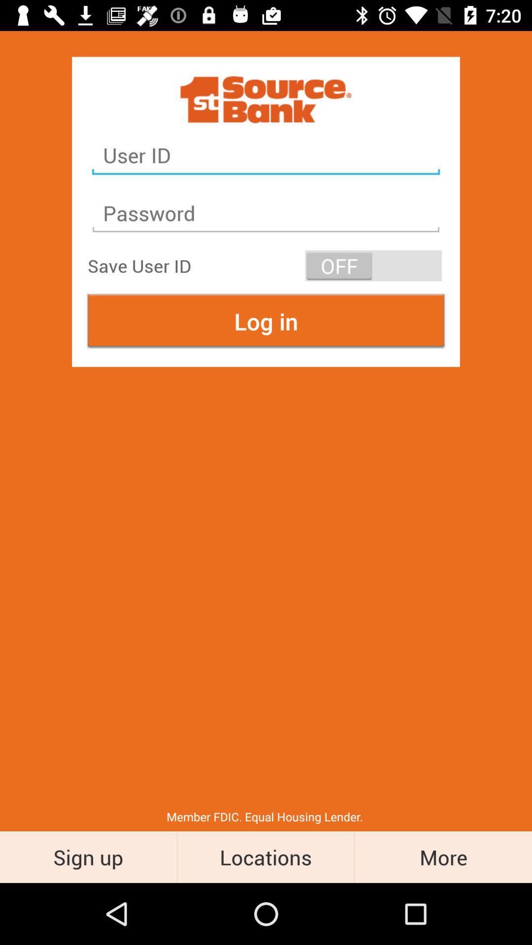 This screenshot has height=945, width=532. Describe the element at coordinates (265, 856) in the screenshot. I see `the locations item` at that location.